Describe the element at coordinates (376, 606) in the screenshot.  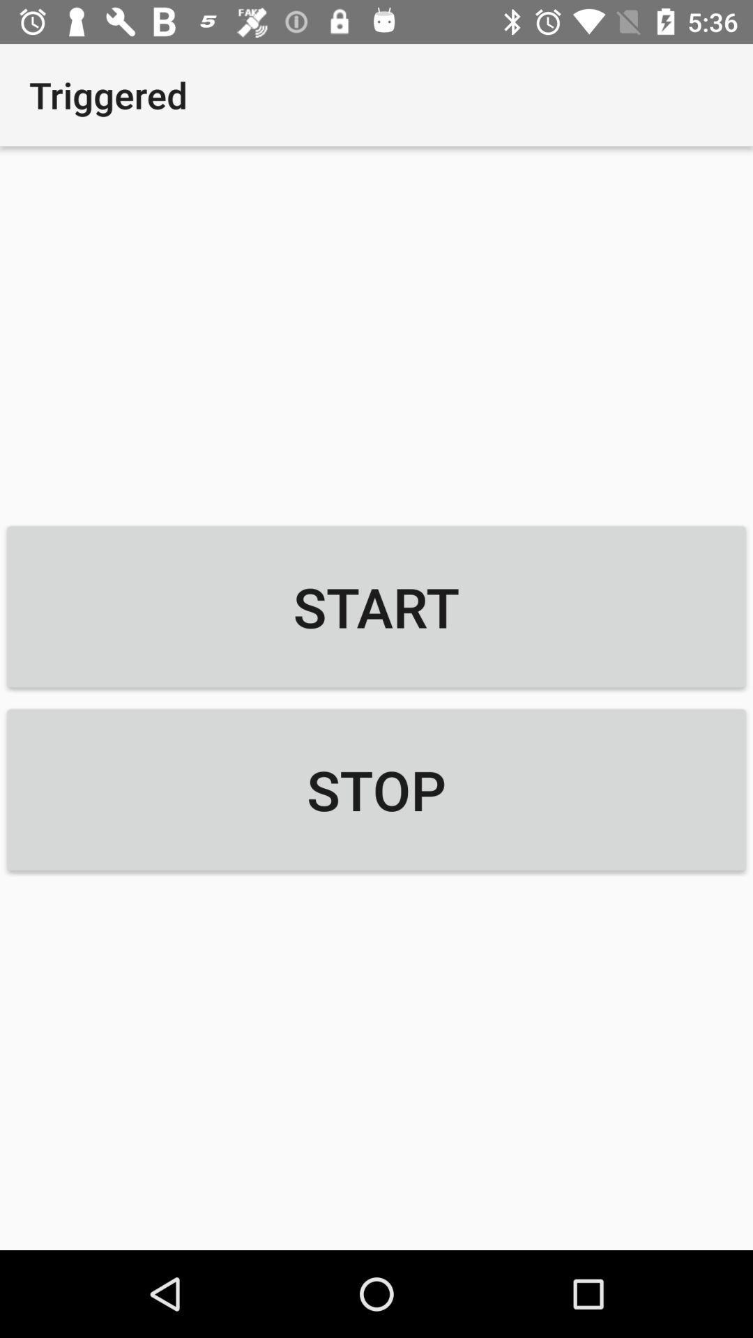
I see `the icon below triggered` at that location.